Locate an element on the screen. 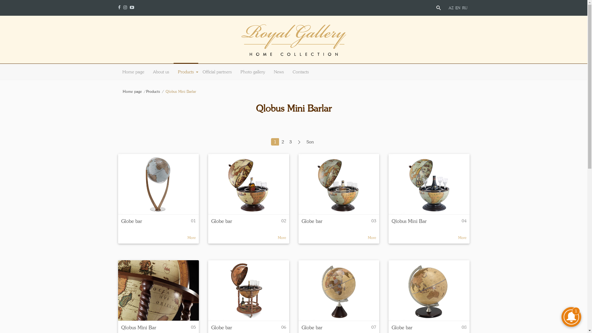 Image resolution: width=592 pixels, height=333 pixels. 'About us' is located at coordinates (161, 71).